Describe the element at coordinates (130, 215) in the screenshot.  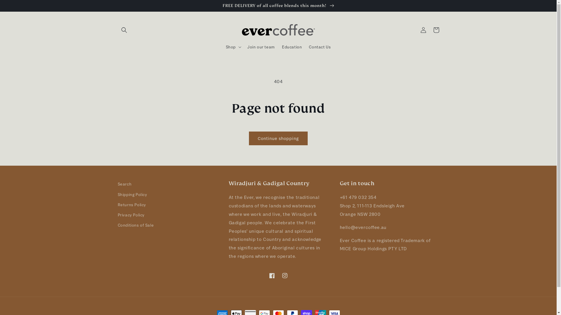
I see `'Privacy Policy'` at that location.